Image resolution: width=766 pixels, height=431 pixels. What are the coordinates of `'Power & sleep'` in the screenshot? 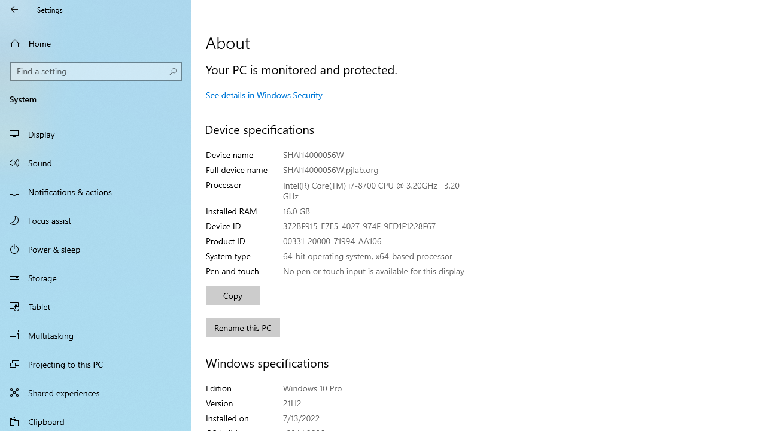 It's located at (96, 248).